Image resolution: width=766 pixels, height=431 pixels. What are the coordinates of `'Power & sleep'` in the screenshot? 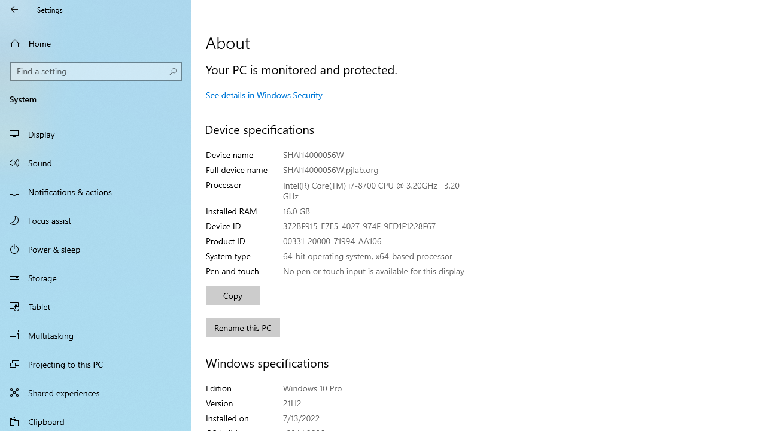 It's located at (96, 248).